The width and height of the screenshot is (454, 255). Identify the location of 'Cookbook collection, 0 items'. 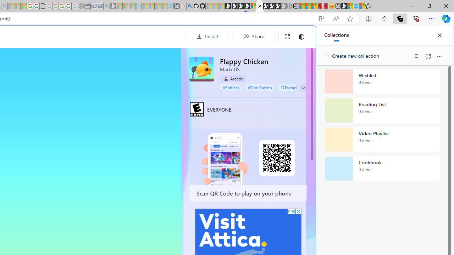
(382, 168).